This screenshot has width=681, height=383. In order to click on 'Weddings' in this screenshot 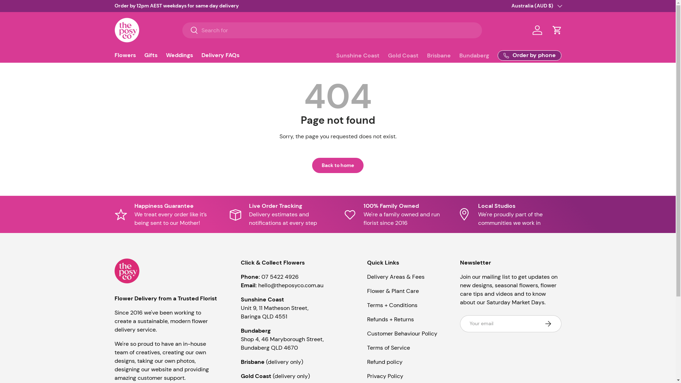, I will do `click(179, 55)`.